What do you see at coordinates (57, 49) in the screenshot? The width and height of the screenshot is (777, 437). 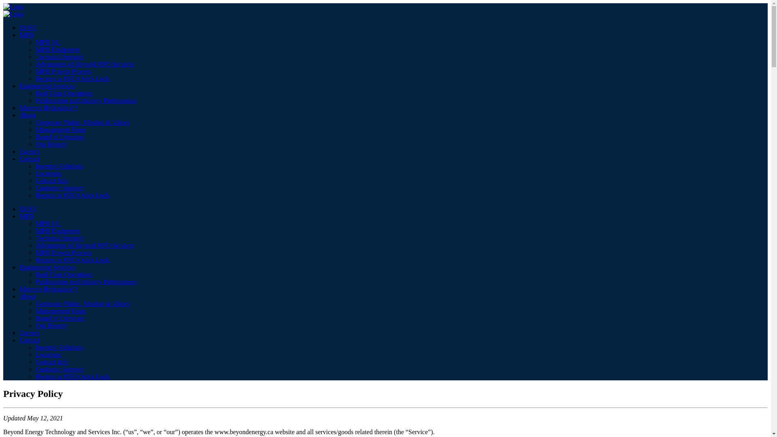 I see `'MPD Equipment'` at bounding box center [57, 49].